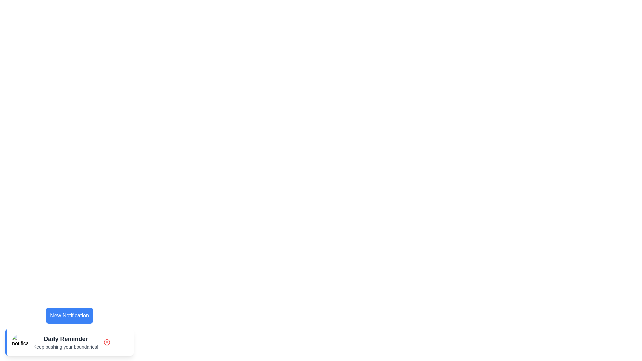  I want to click on the 'New Notification' button to add a new notification, so click(69, 316).